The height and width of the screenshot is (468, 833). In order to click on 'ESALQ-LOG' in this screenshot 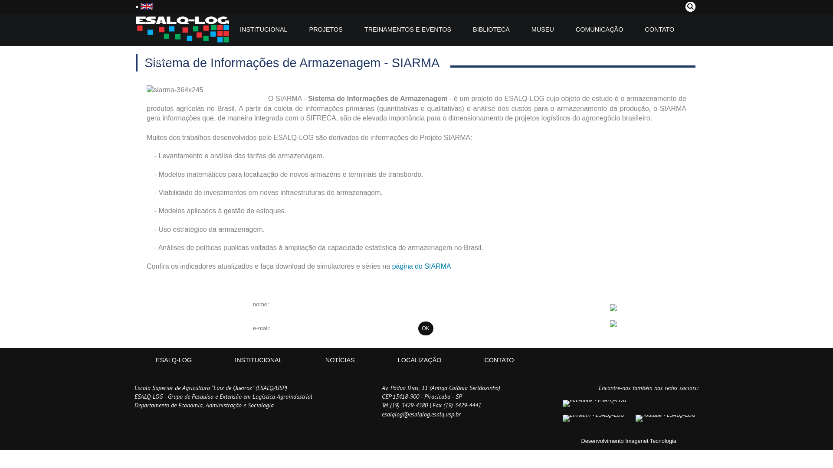, I will do `click(174, 360)`.